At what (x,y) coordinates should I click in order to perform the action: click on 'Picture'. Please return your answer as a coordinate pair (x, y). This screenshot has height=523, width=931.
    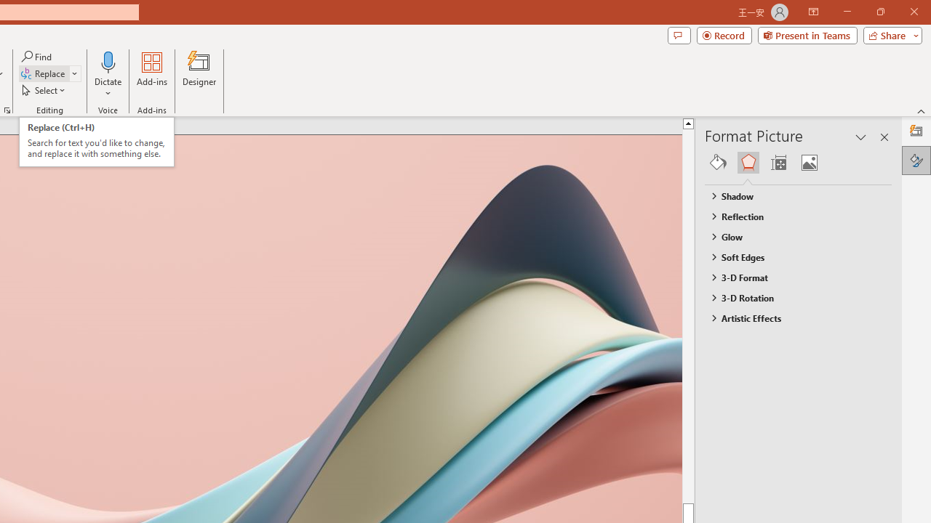
    Looking at the image, I should click on (808, 162).